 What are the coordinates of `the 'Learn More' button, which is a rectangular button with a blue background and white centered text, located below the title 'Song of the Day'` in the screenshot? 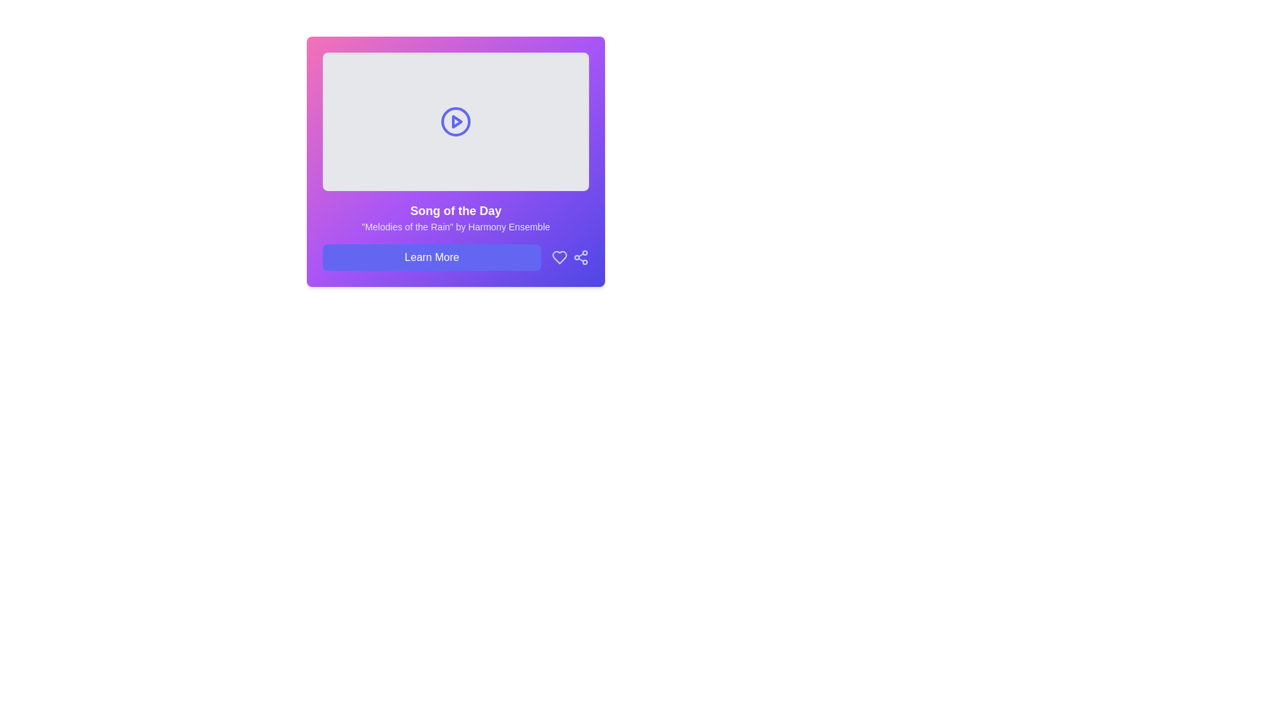 It's located at (431, 257).